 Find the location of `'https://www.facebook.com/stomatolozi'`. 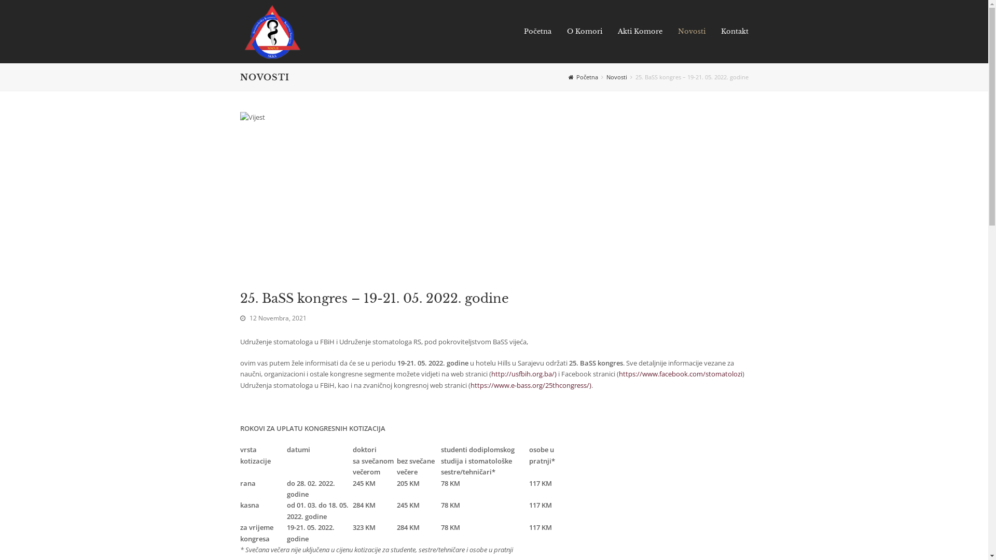

'https://www.facebook.com/stomatolozi' is located at coordinates (680, 374).